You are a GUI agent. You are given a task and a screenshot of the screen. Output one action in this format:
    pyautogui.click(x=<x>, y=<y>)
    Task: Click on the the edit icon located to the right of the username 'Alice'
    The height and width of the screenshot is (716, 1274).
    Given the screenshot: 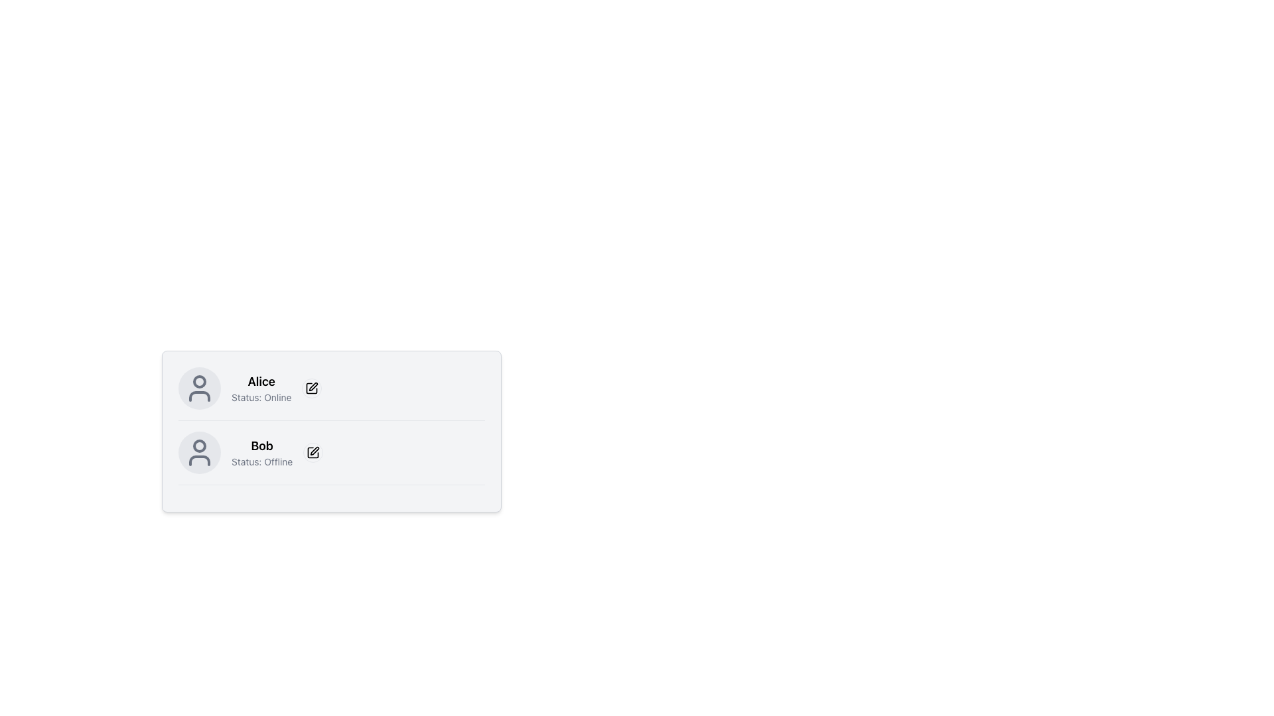 What is the action you would take?
    pyautogui.click(x=314, y=450)
    